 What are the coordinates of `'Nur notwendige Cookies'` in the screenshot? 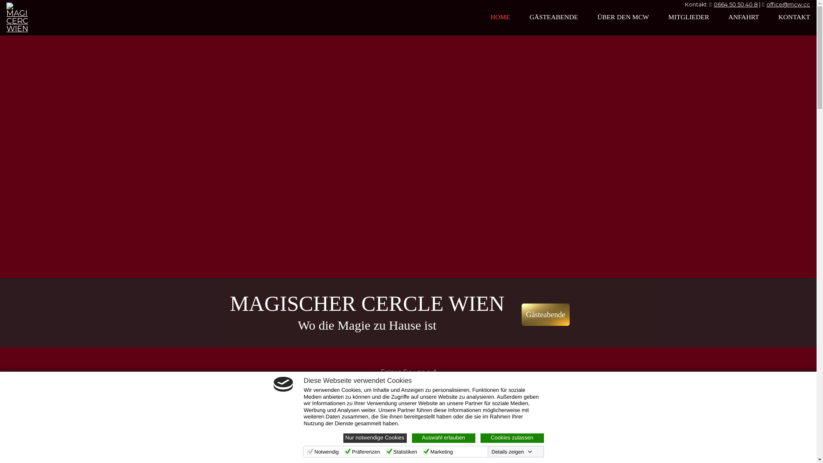 It's located at (374, 438).